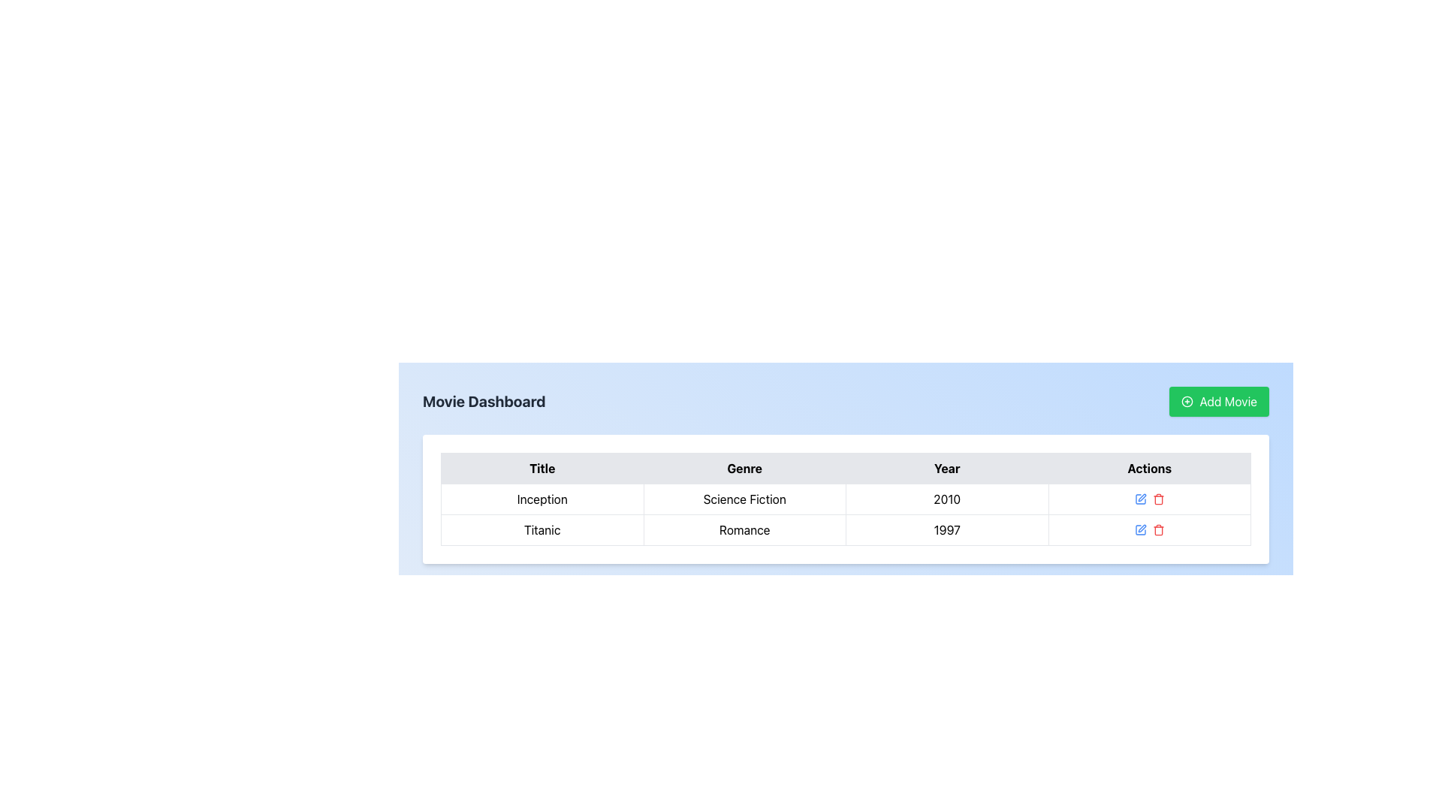 Image resolution: width=1442 pixels, height=811 pixels. What do you see at coordinates (1140, 529) in the screenshot?
I see `the edit button located in the 'Actions' column of the first row of the table to observe a tooltip or color change` at bounding box center [1140, 529].